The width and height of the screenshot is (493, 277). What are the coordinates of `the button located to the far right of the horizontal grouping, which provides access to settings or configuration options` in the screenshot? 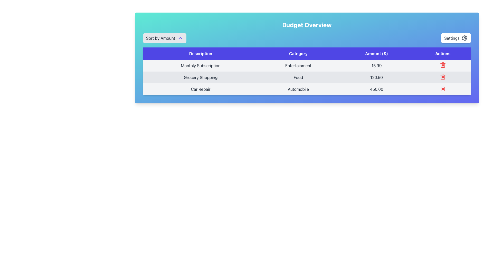 It's located at (456, 38).